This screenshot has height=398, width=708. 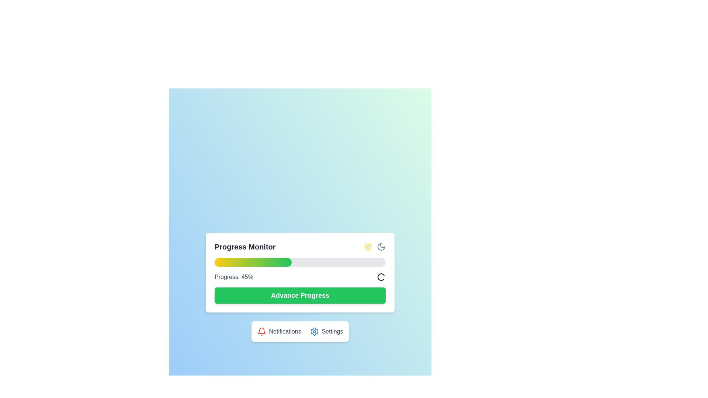 I want to click on the blue gear icon representing the settings option, so click(x=314, y=331).